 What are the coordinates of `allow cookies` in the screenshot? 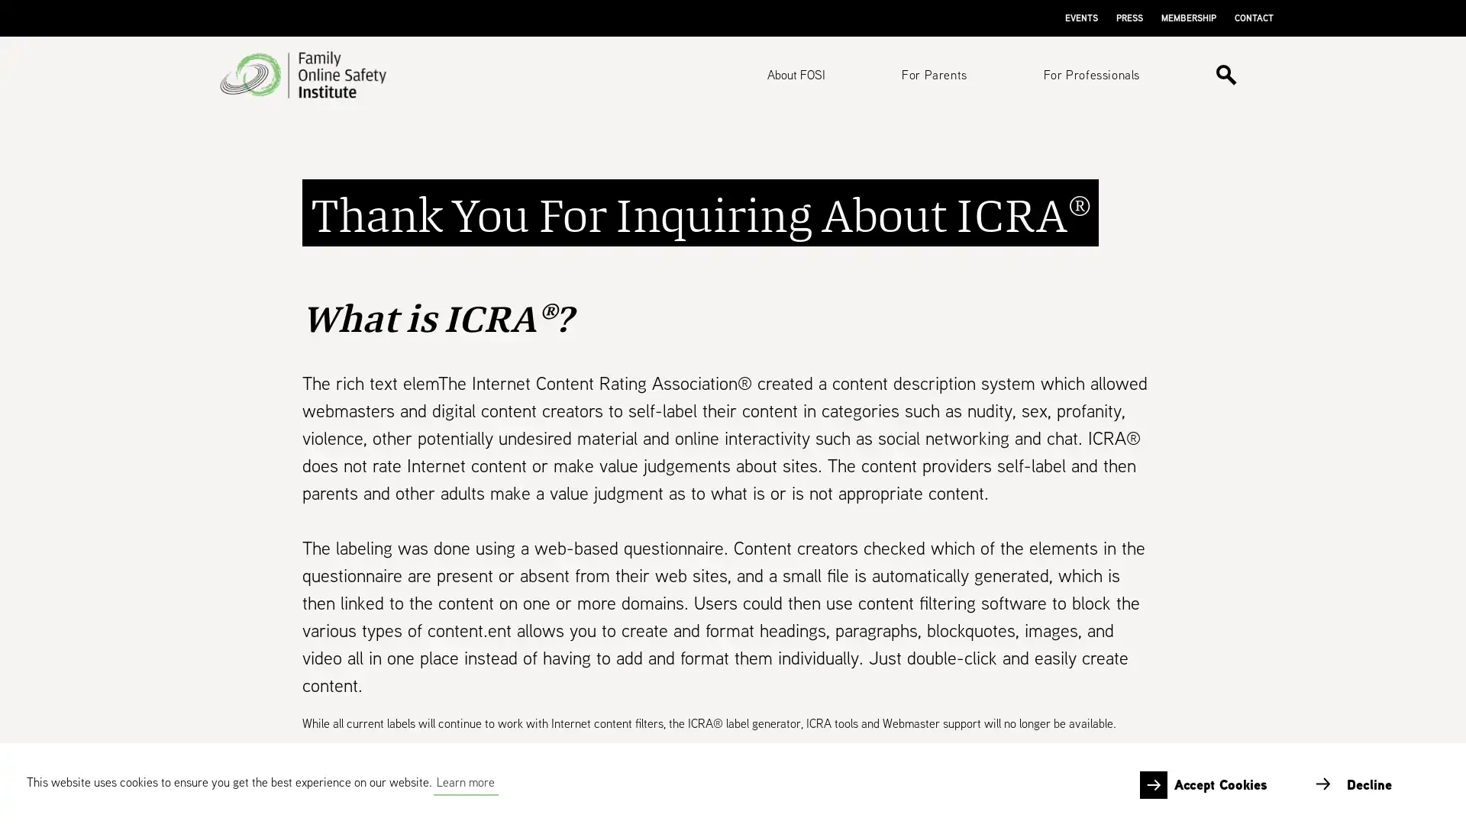 It's located at (1203, 783).